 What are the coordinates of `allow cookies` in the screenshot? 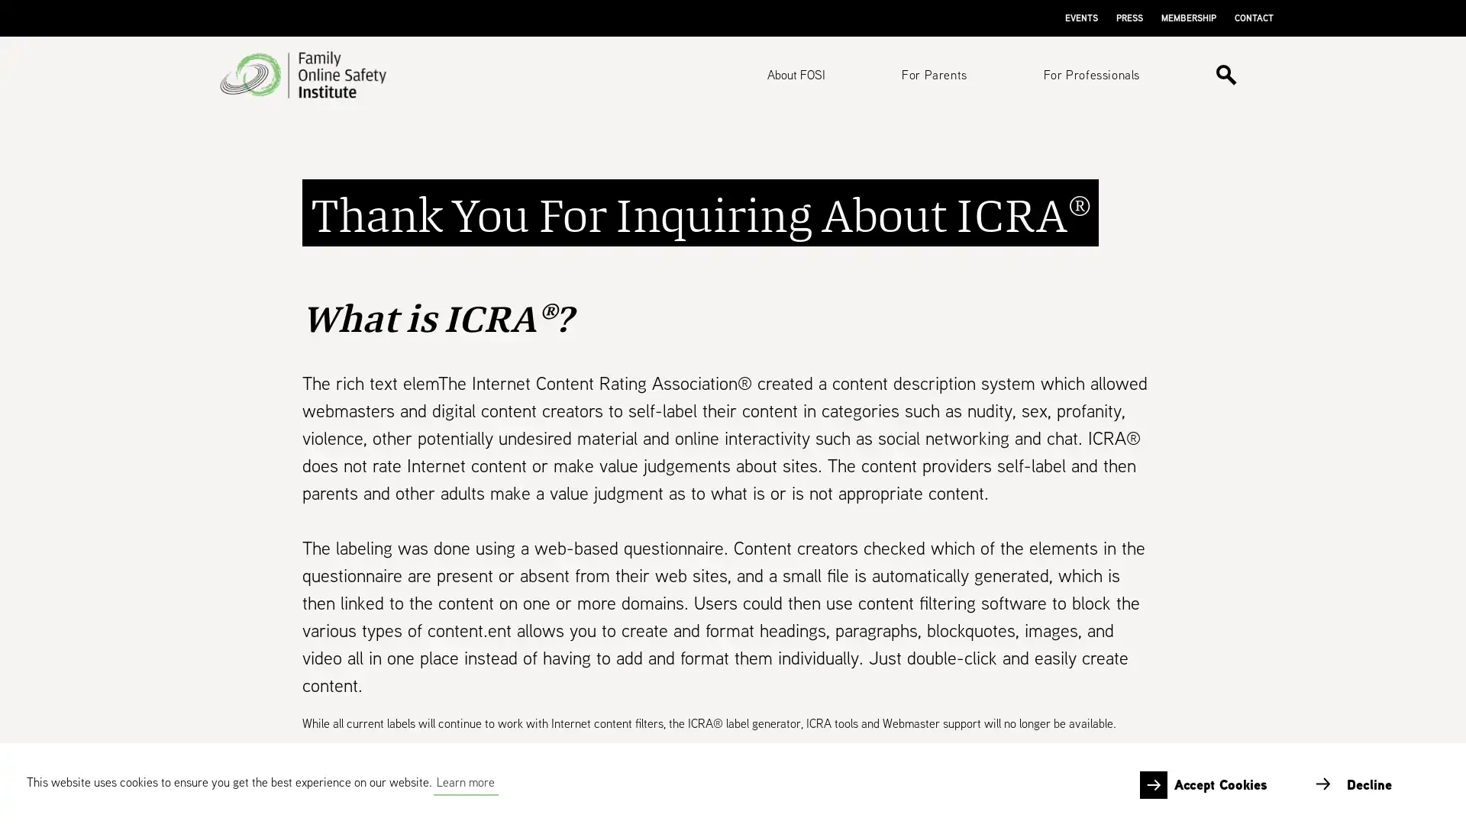 It's located at (1203, 783).